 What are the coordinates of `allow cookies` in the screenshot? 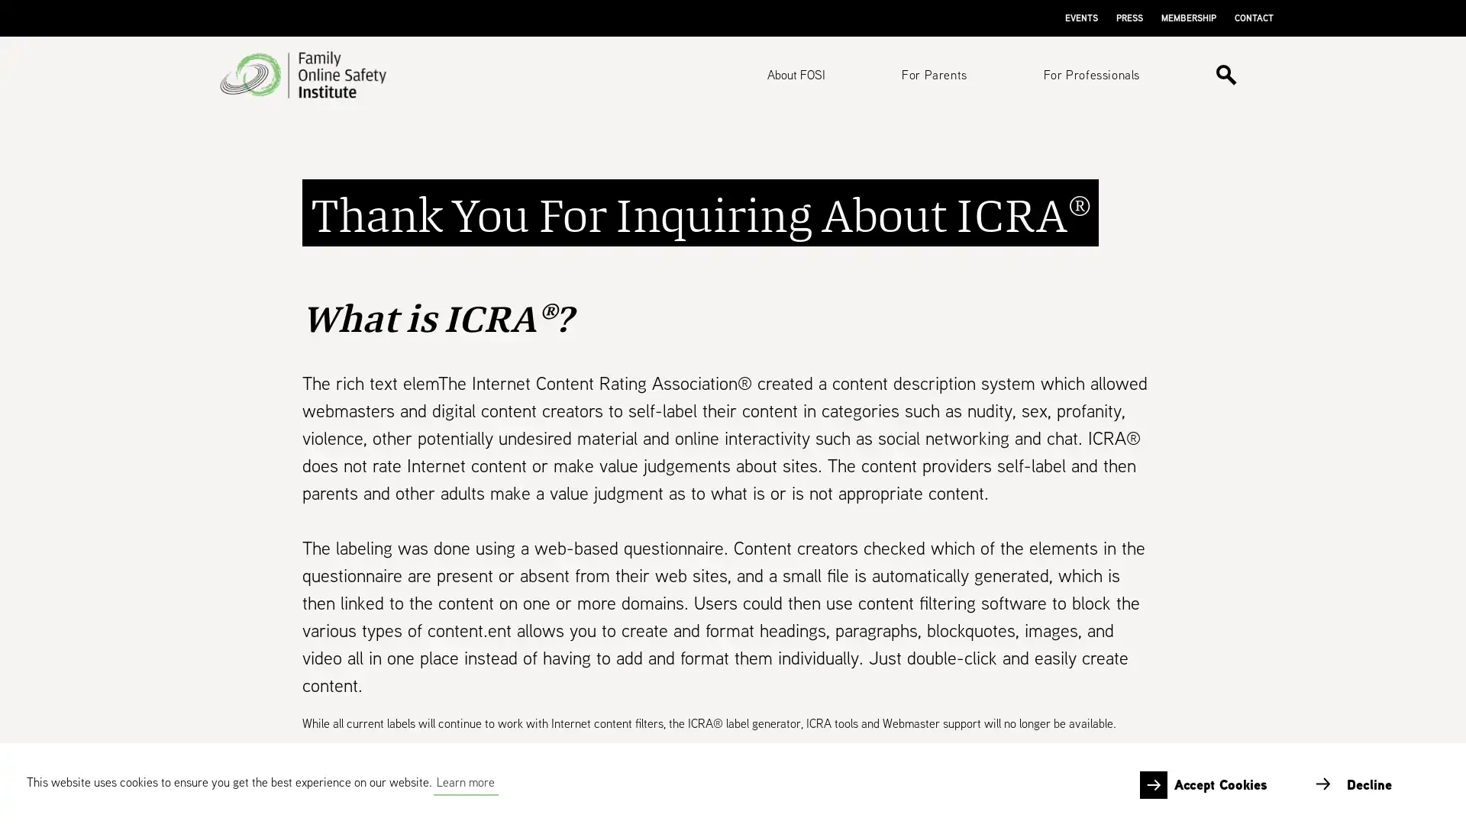 It's located at (1203, 783).